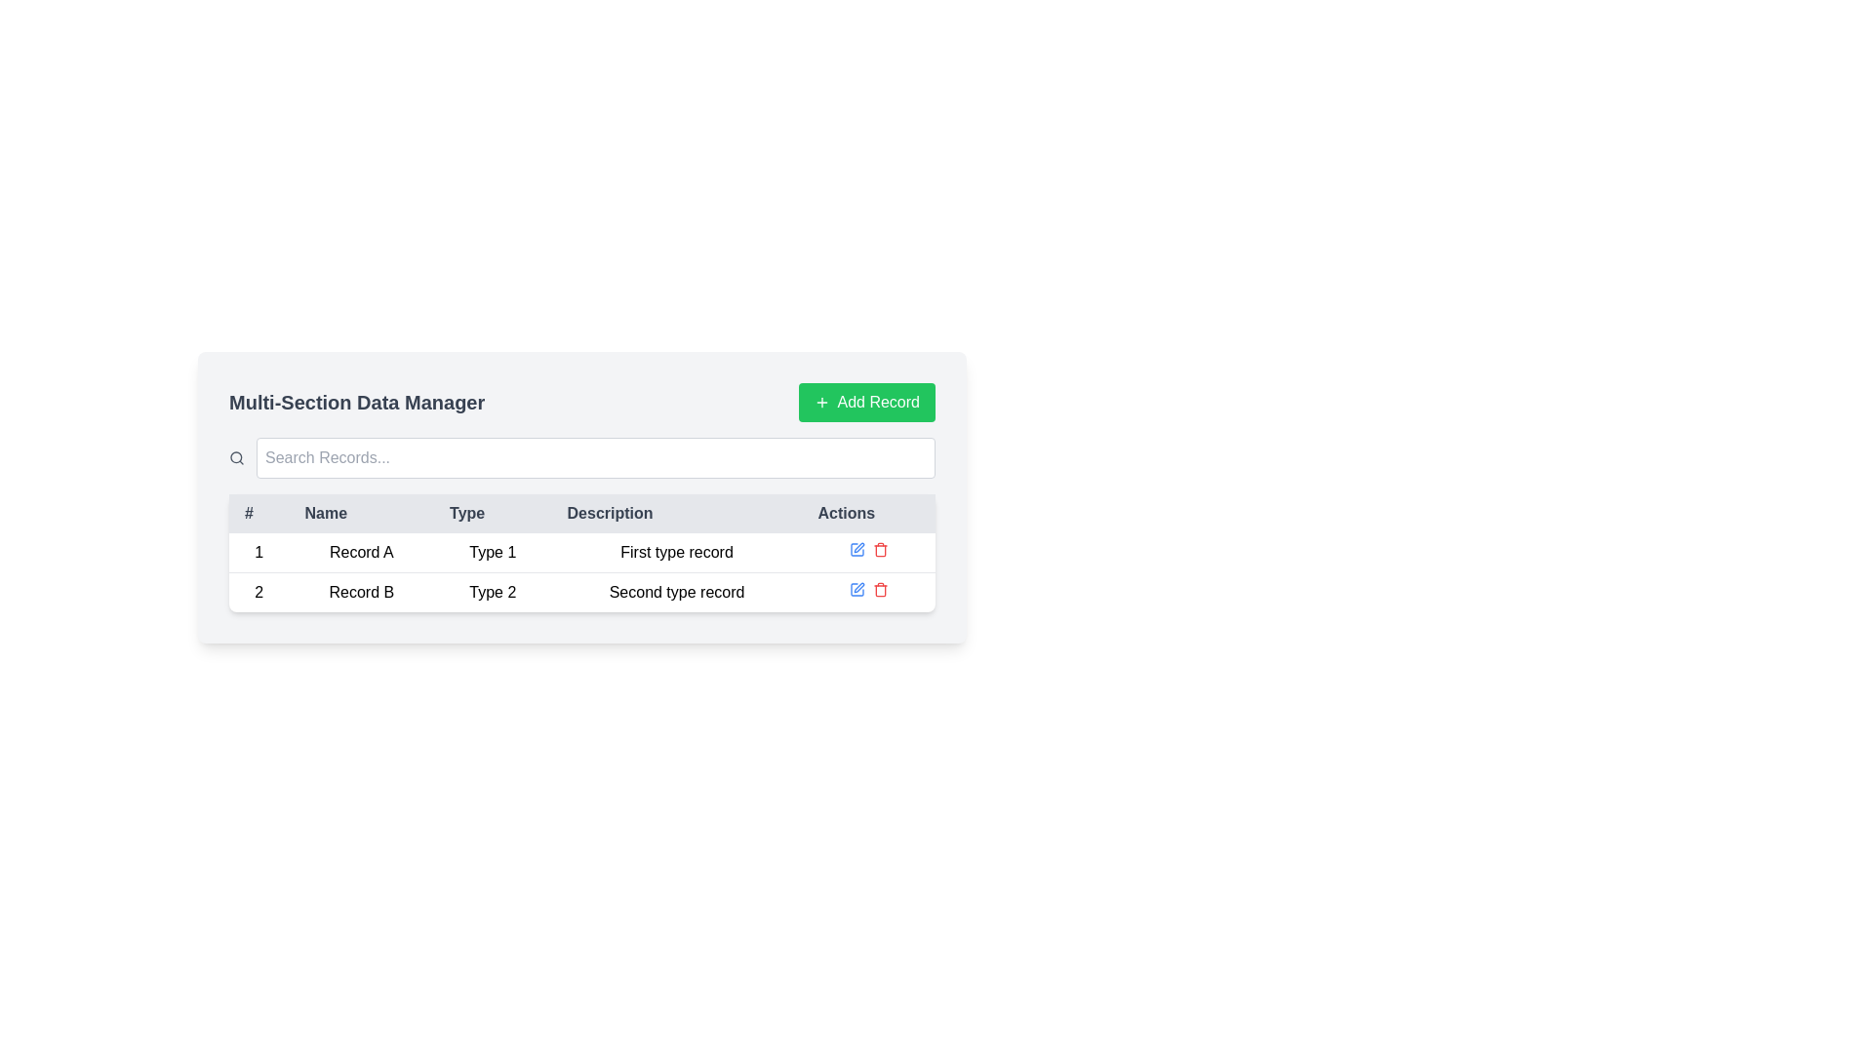  What do you see at coordinates (867, 553) in the screenshot?
I see `the empty table cell located in the last cell of the first row of the data table related to 'Record A' of 'Type 1'` at bounding box center [867, 553].